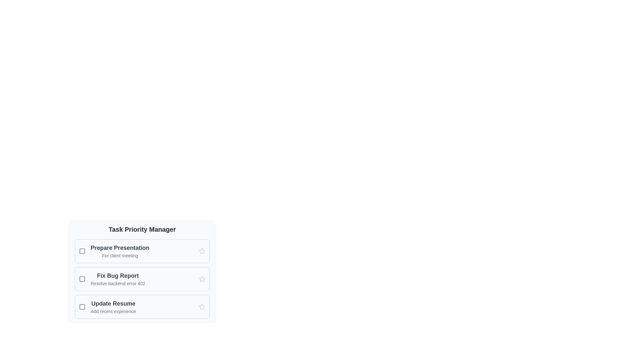 This screenshot has height=350, width=622. Describe the element at coordinates (202, 251) in the screenshot. I see `the star icon at the far-right end of the 'Prepare Presentation' task` at that location.